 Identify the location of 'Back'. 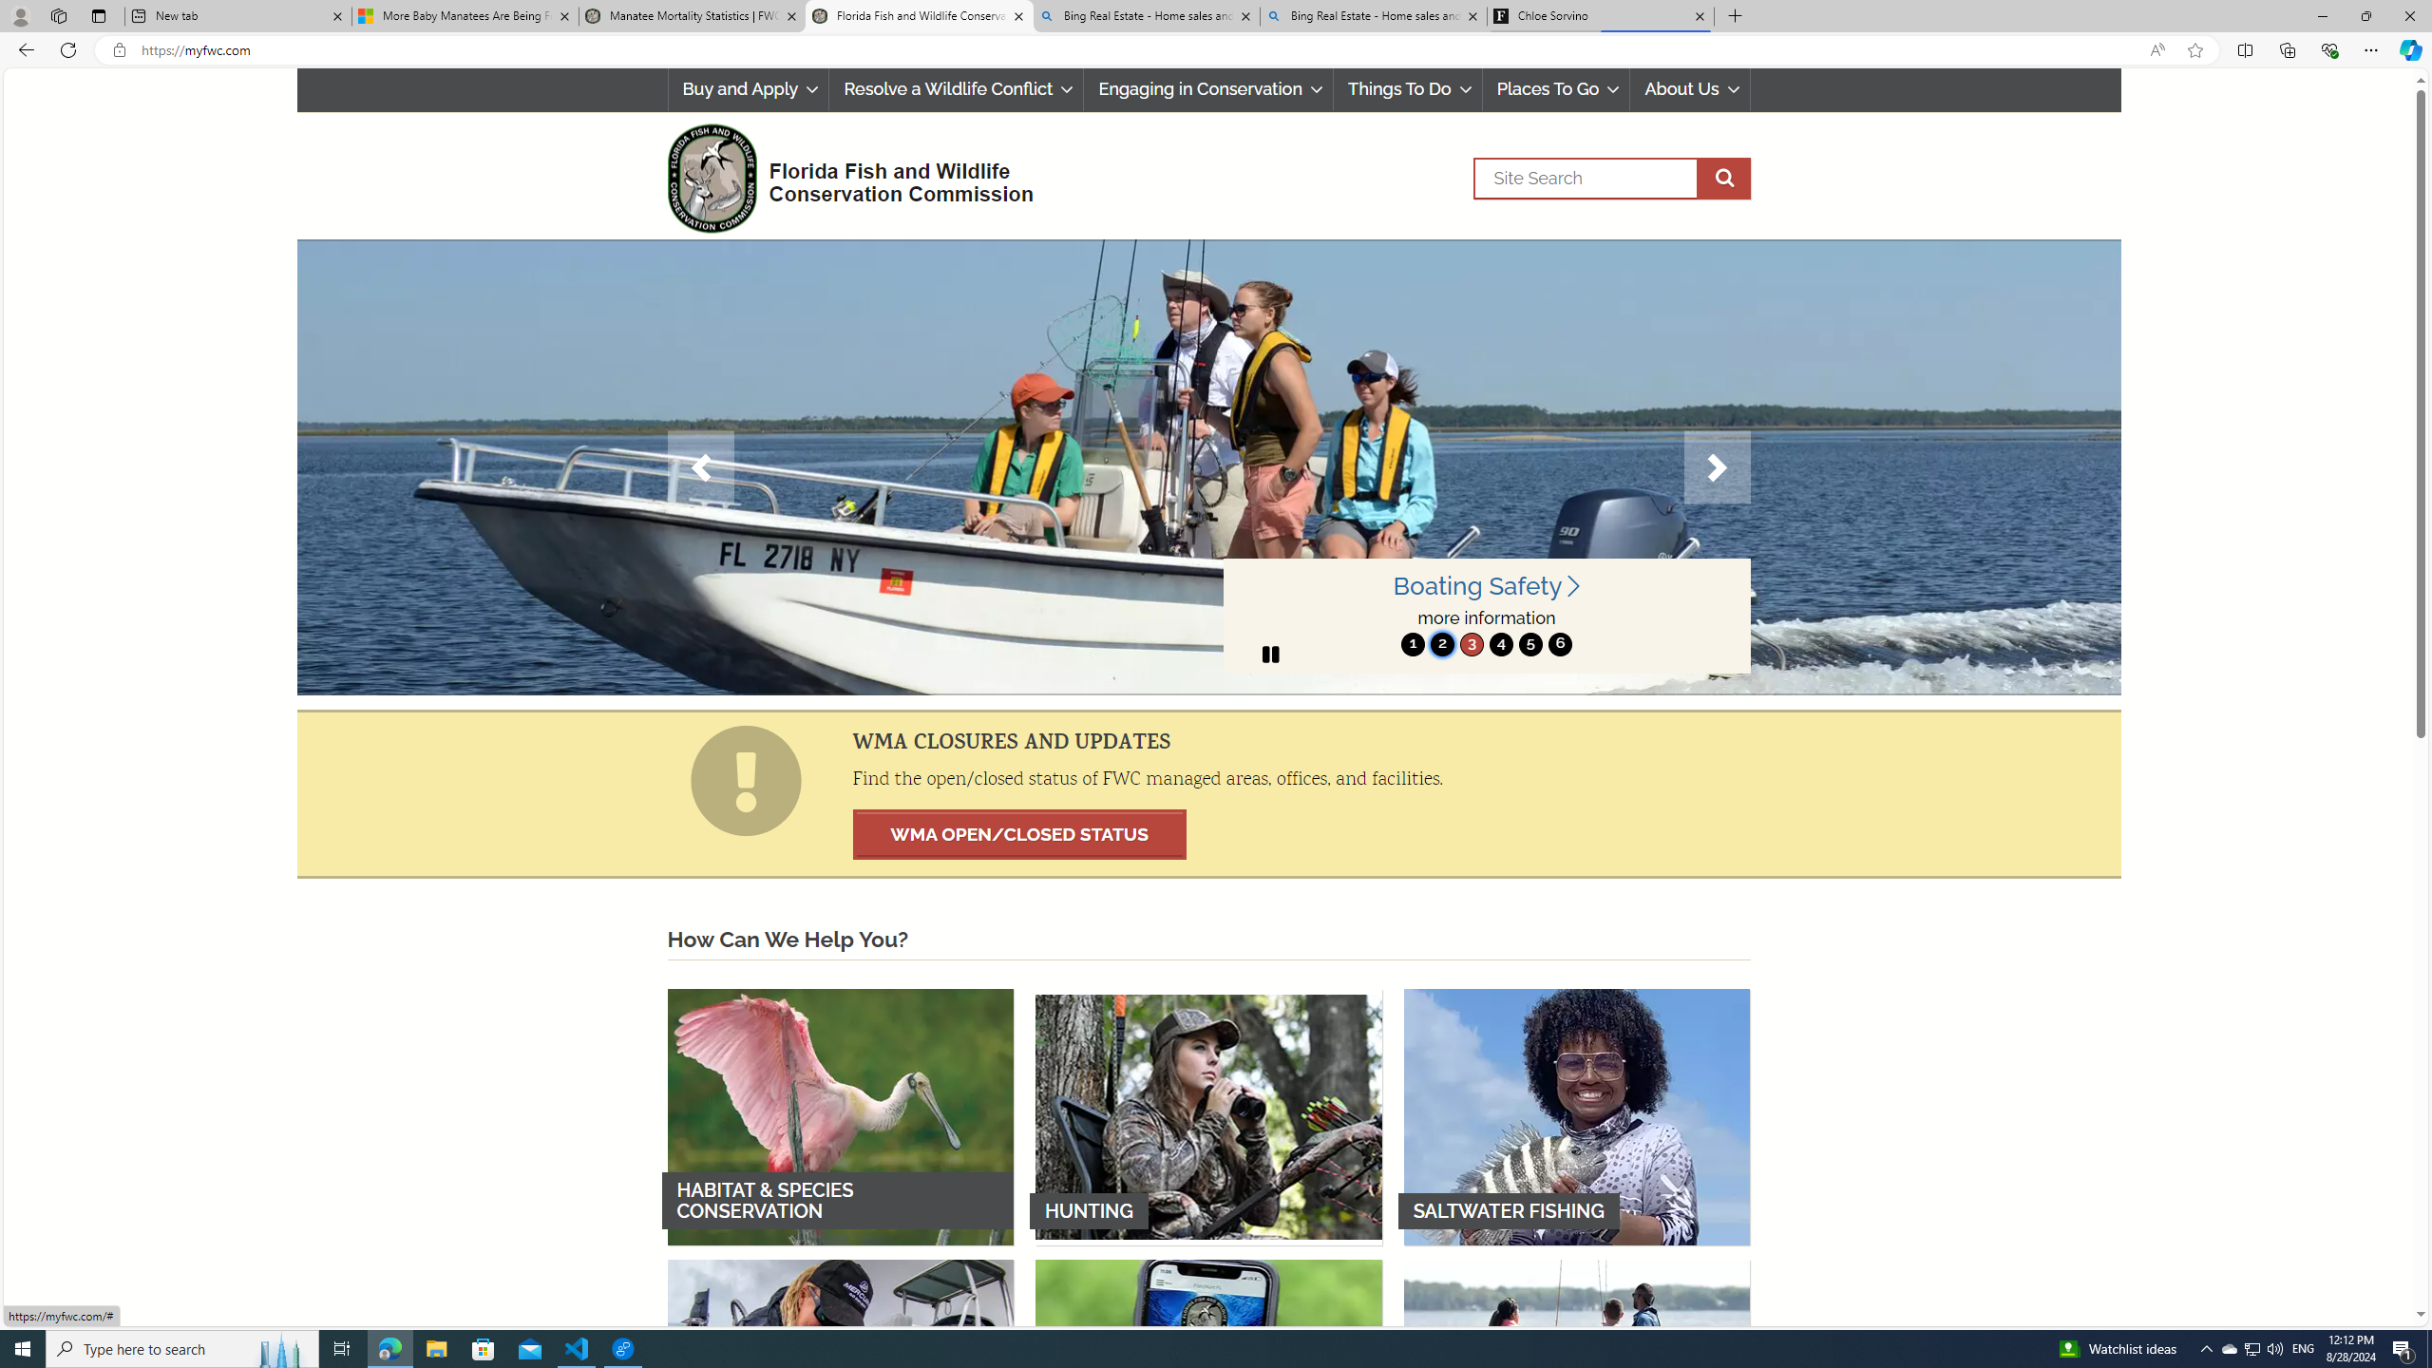
(23, 48).